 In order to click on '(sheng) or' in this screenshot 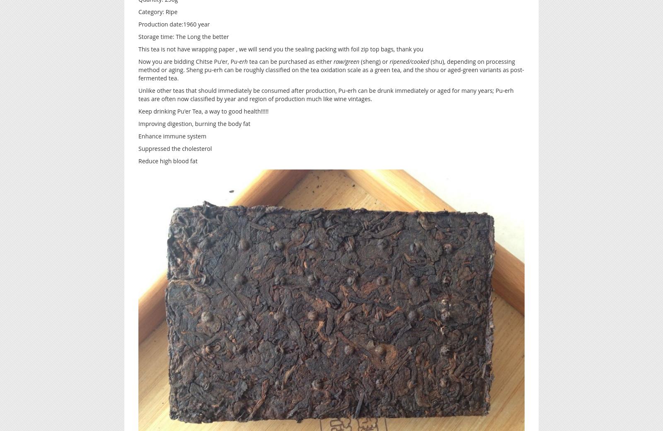, I will do `click(374, 61)`.